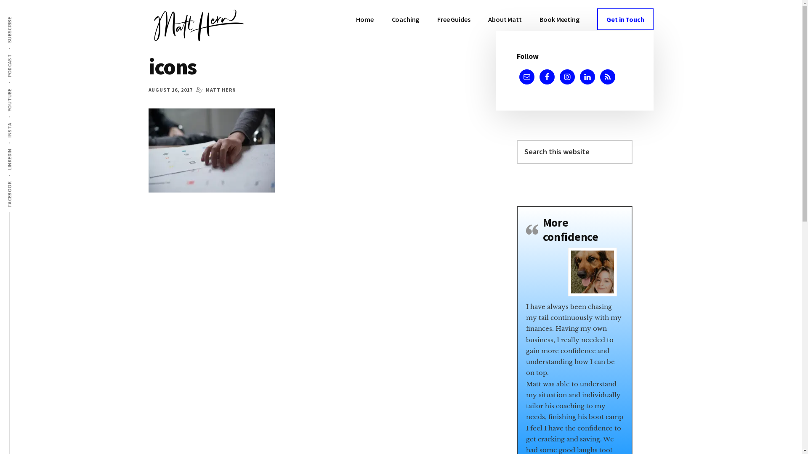 This screenshot has height=454, width=808. What do you see at coordinates (559, 19) in the screenshot?
I see `'Book Meeting'` at bounding box center [559, 19].